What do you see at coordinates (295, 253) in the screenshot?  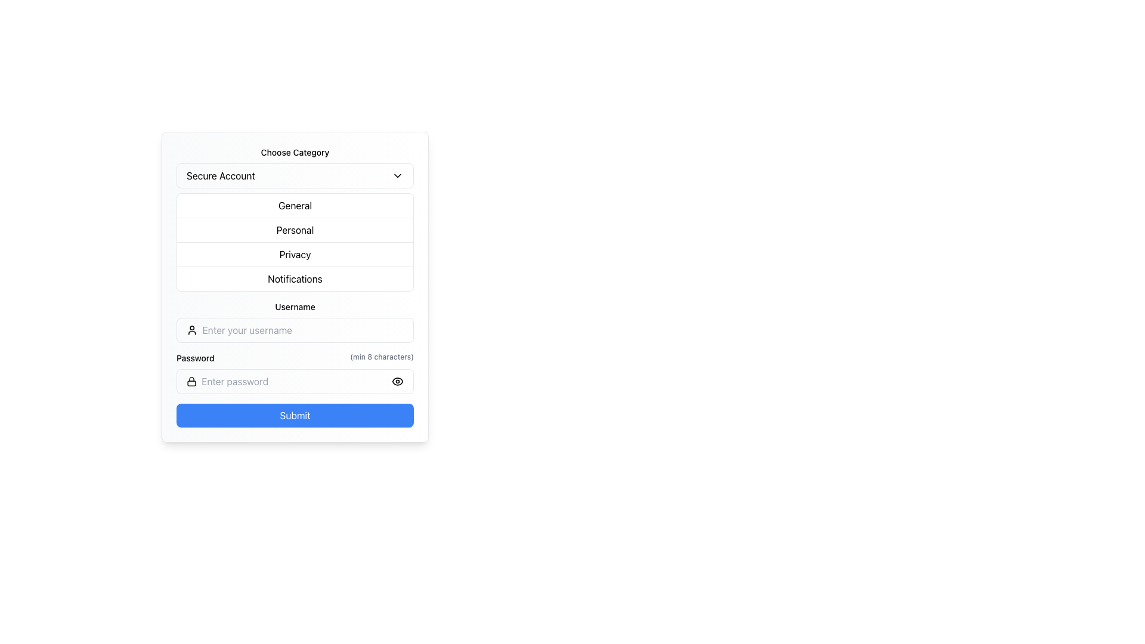 I see `the 'Privacy' button, which is the third button in a vertical list of four buttons labeled 'General', 'Personal', 'Privacy', and 'Notifications'` at bounding box center [295, 253].